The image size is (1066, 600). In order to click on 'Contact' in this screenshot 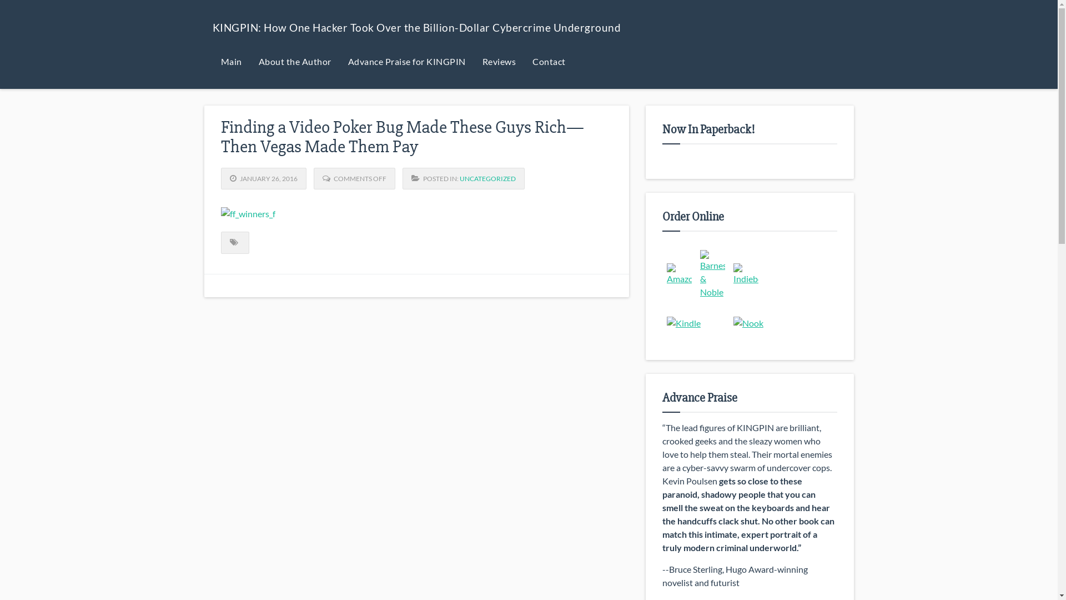, I will do `click(549, 61)`.